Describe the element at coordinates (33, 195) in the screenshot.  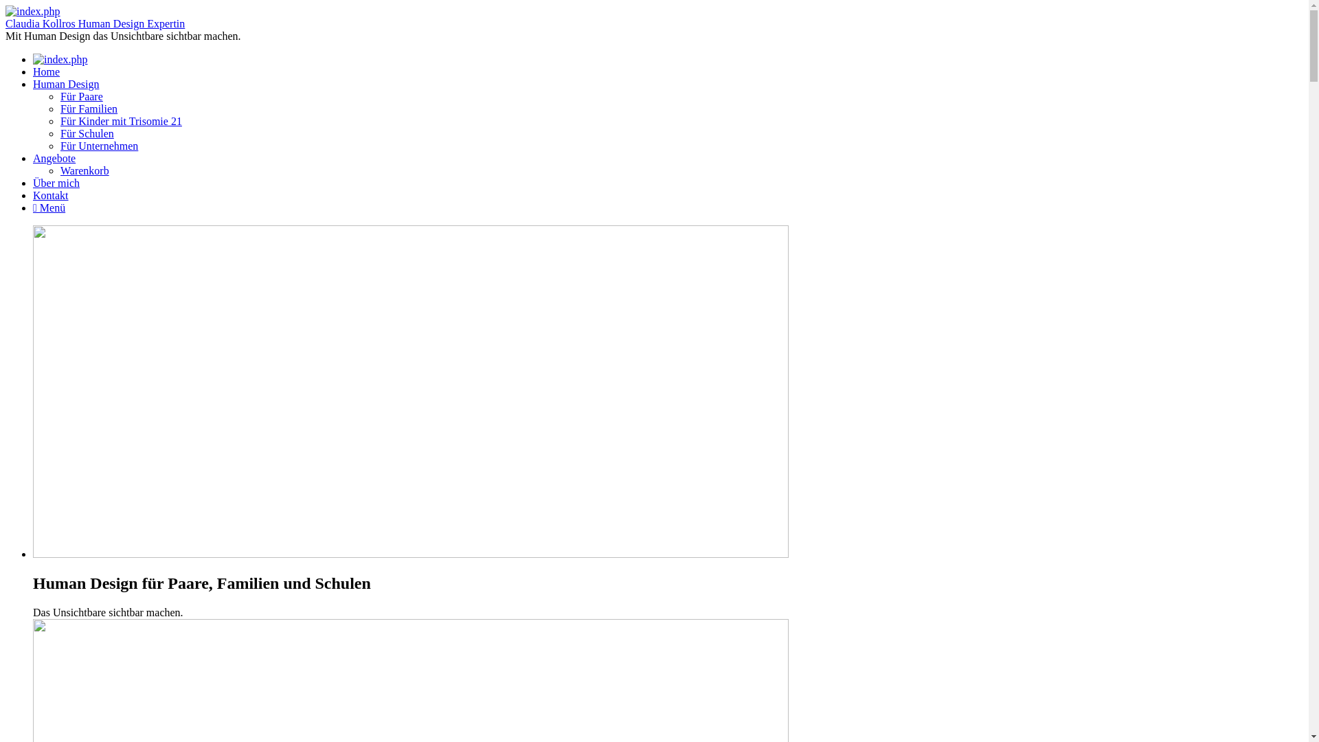
I see `'Kontakt'` at that location.